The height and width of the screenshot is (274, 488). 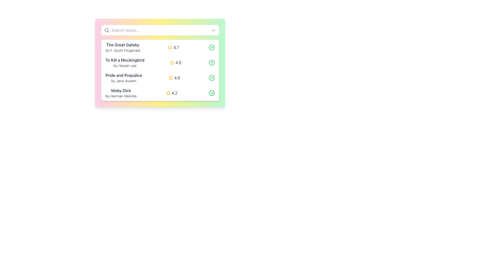 I want to click on numeric rating displayed in the rating indicator for the book 'Pride and Prejudice' located in the third entry of the visible book list, so click(x=174, y=78).